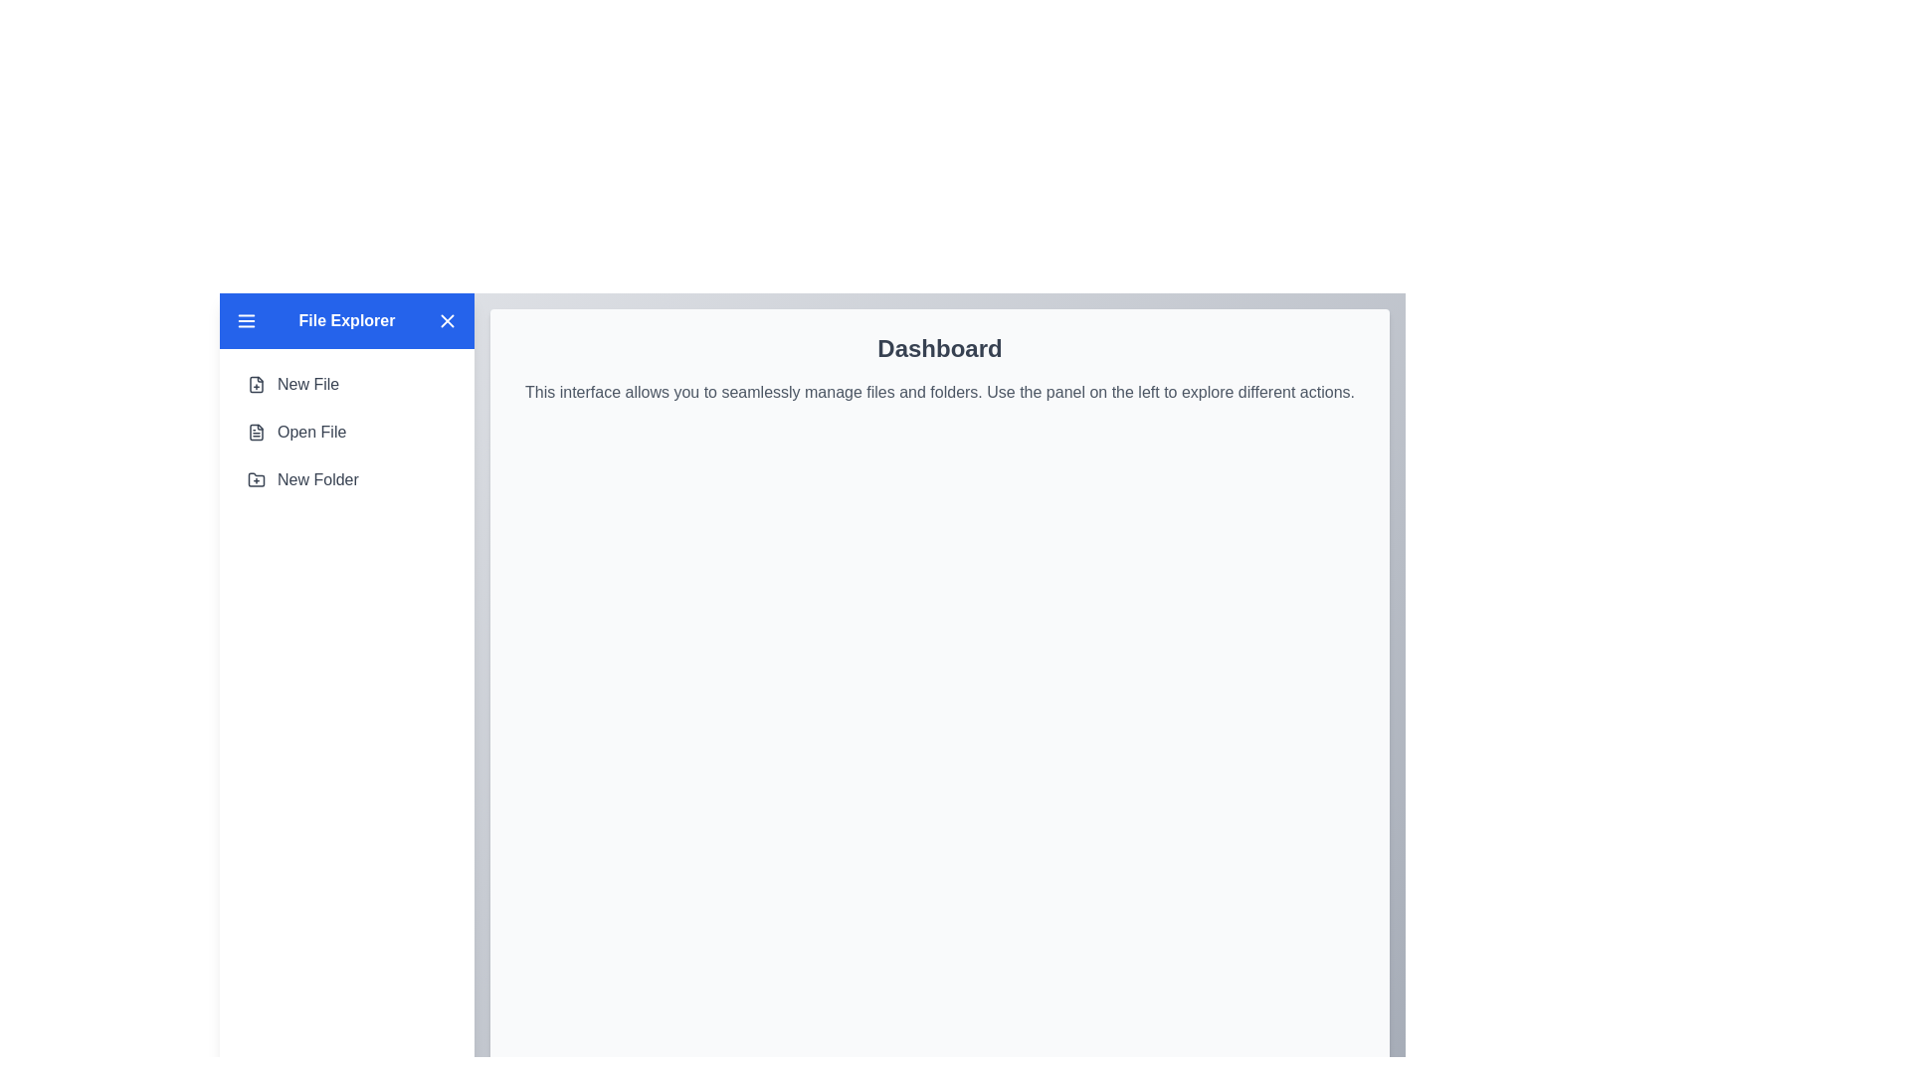 The image size is (1910, 1074). I want to click on the 'Open File' icon located in the left navigation panel, specifically the second item from the top, aligned to the left of the 'Open File' text, so click(256, 432).